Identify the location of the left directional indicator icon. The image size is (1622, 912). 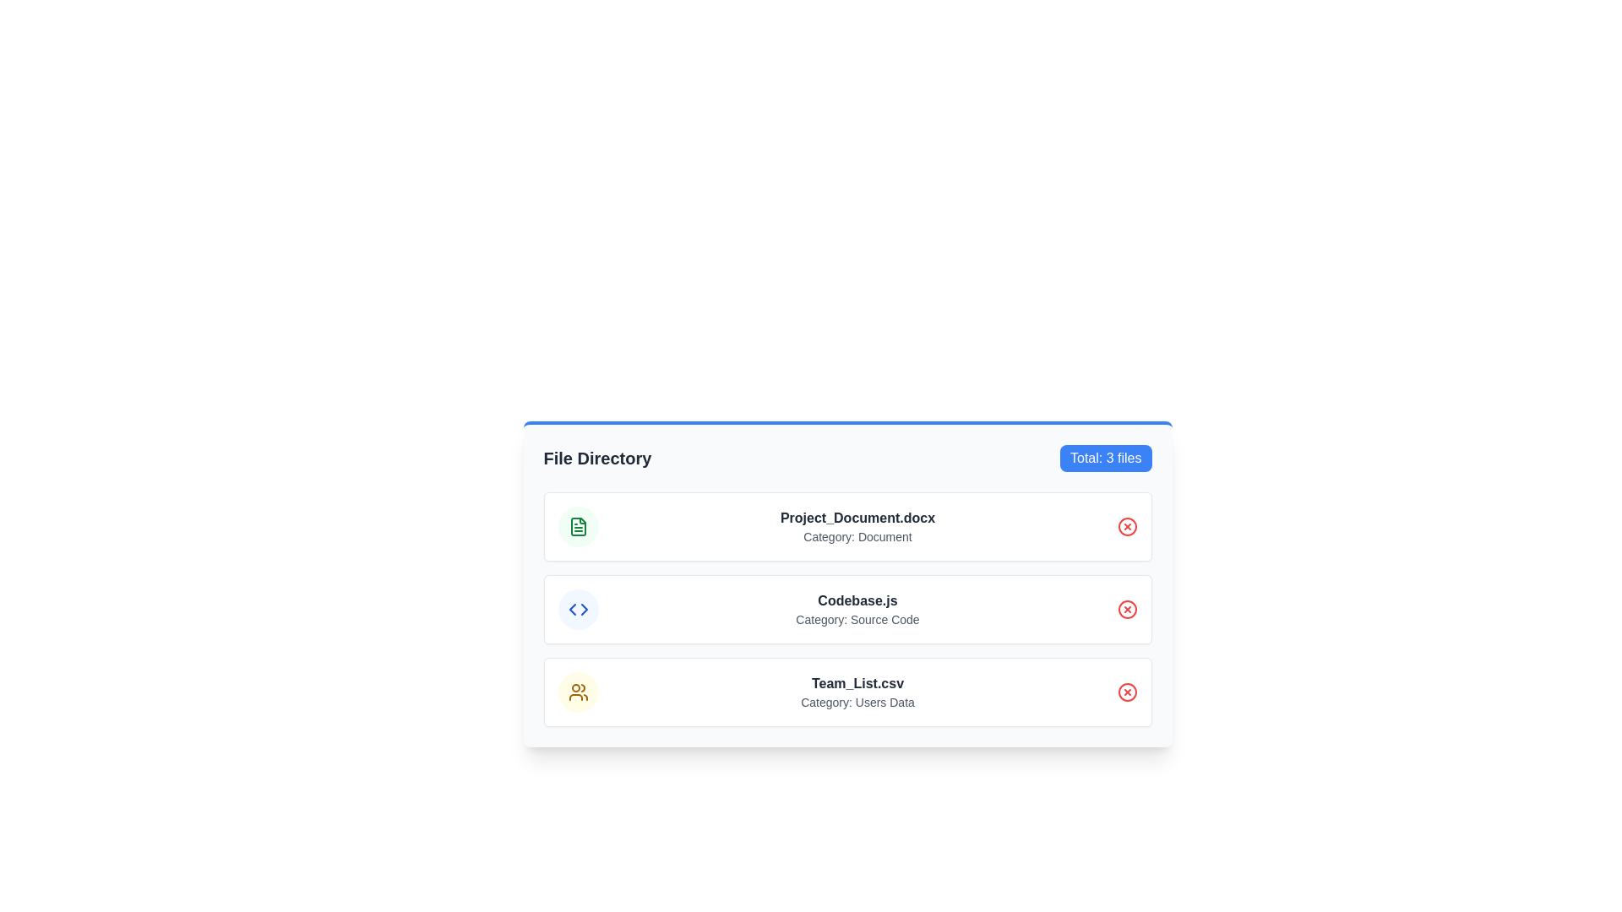
(572, 609).